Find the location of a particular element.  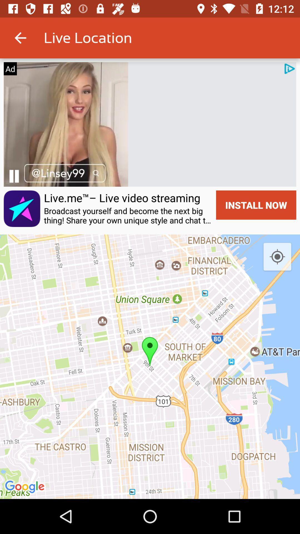

item next to install now is located at coordinates (122, 198).